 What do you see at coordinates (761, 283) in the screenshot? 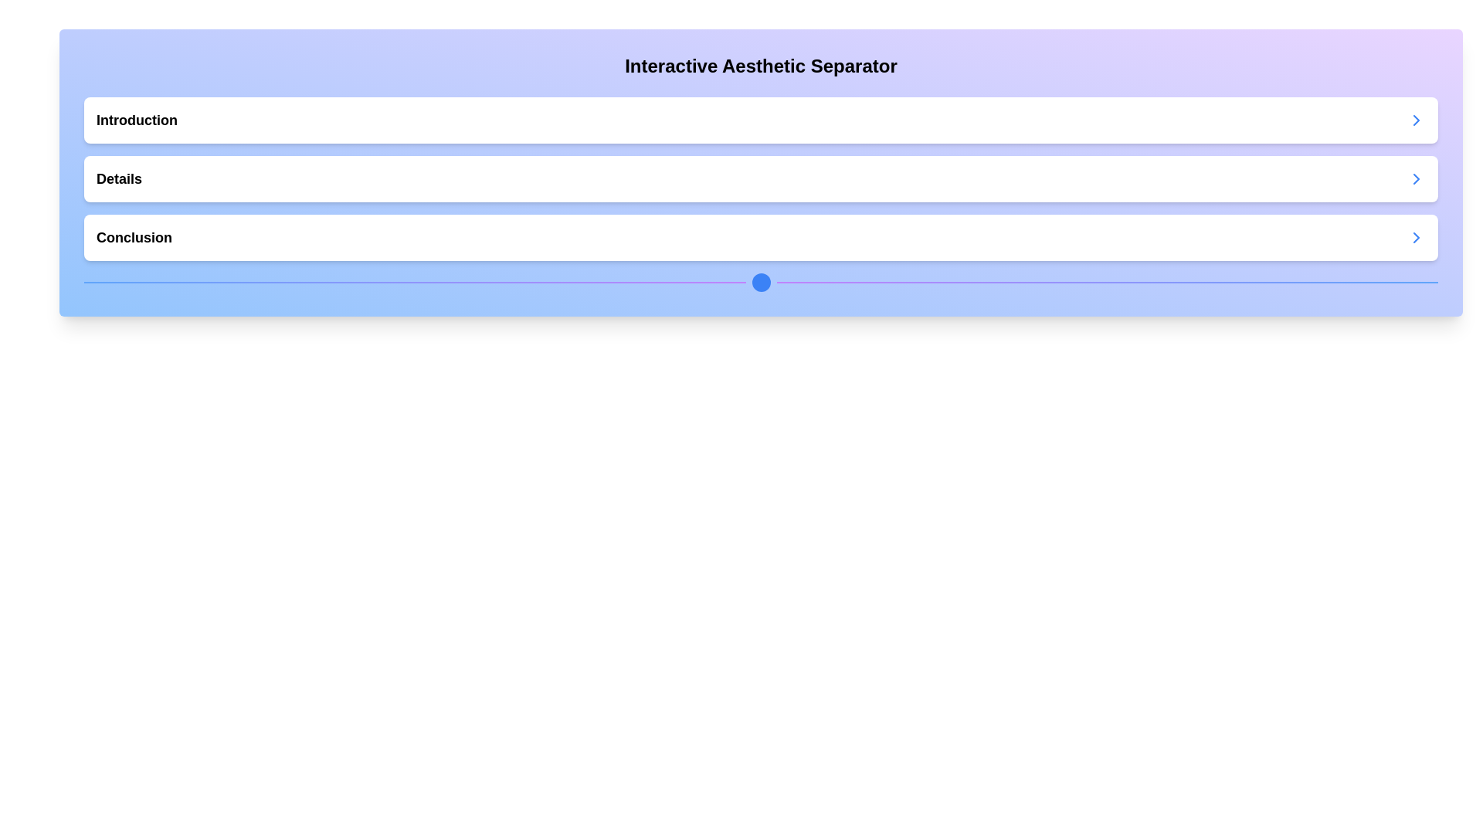
I see `the Decorative Line with Centered Dot, which serves as a visual separator at the bottom of the layout, enhancing the aesthetics of the interface` at bounding box center [761, 283].